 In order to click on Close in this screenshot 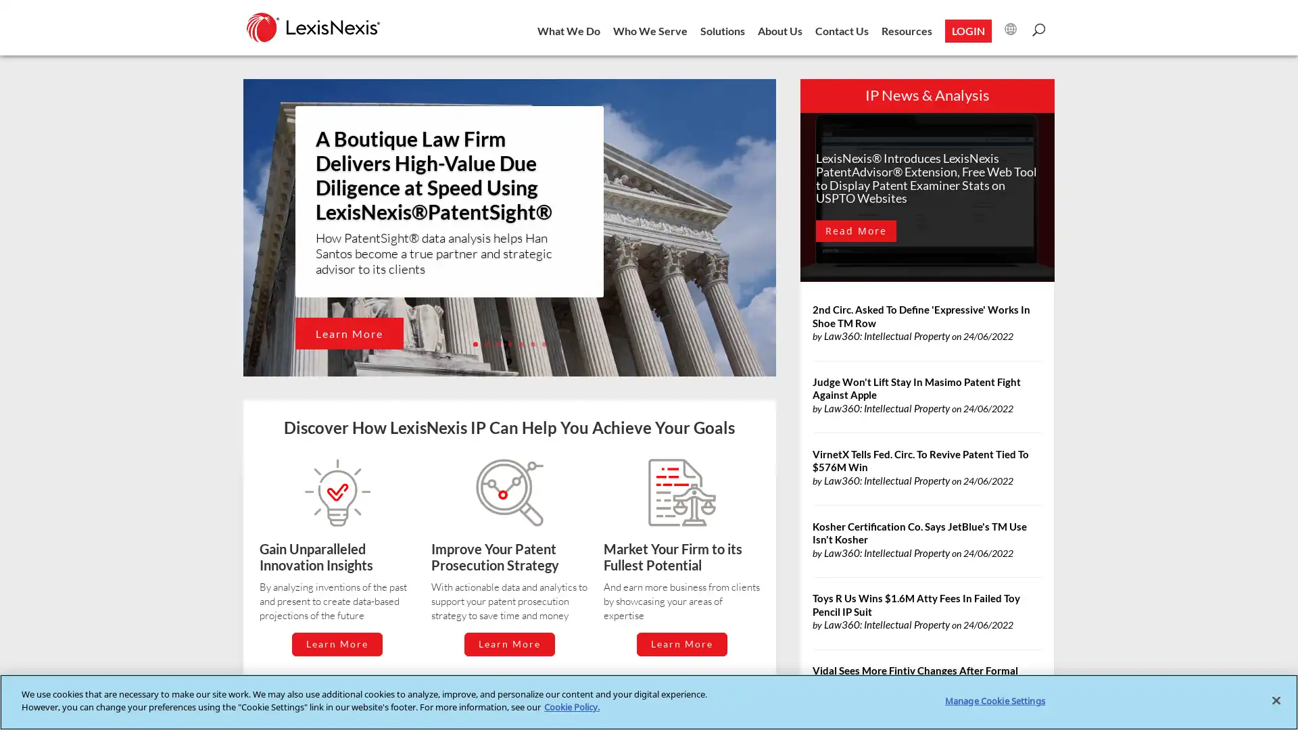, I will do `click(823, 148)`.